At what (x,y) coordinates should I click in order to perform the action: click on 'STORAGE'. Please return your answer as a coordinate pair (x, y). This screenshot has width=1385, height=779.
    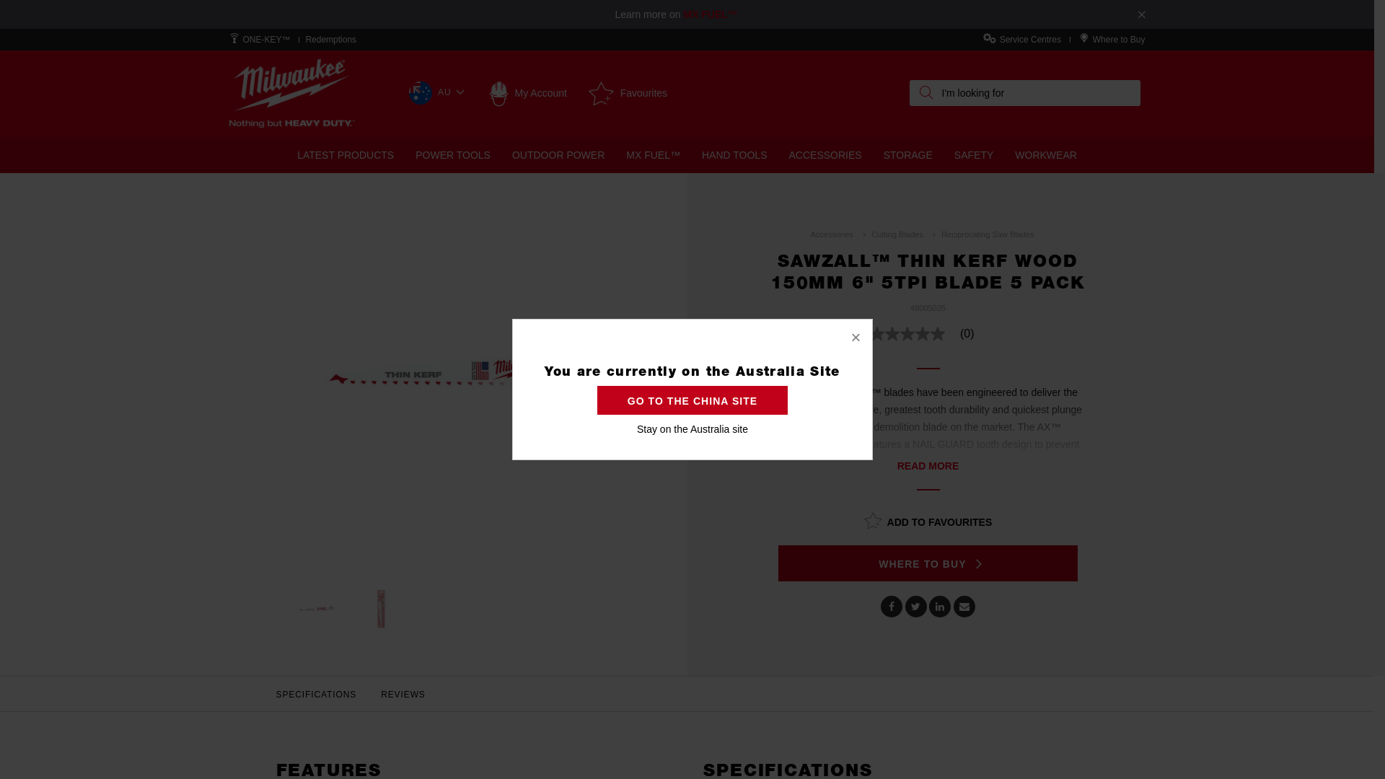
    Looking at the image, I should click on (907, 155).